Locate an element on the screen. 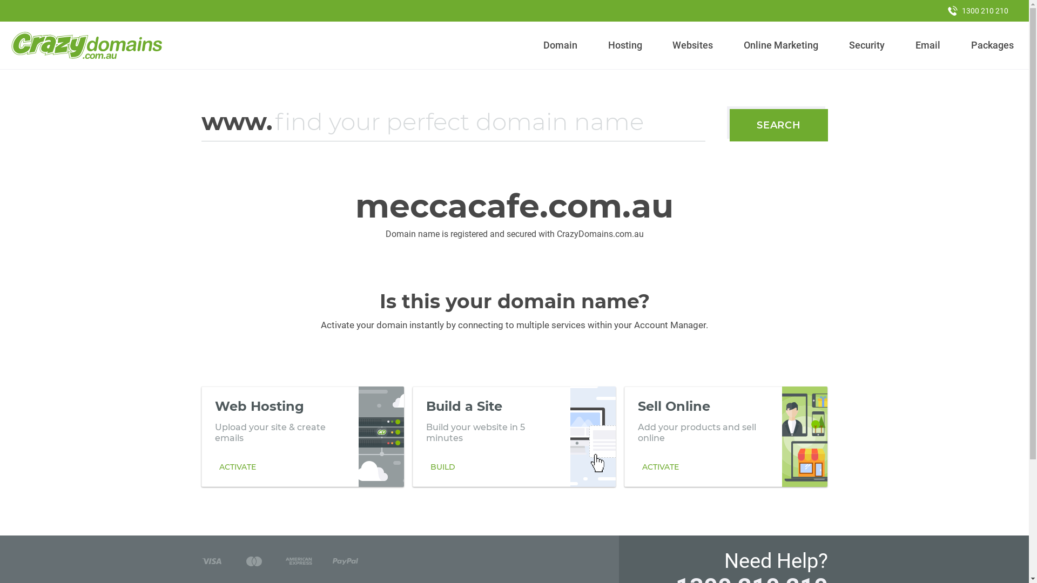  'Security' is located at coordinates (867, 45).